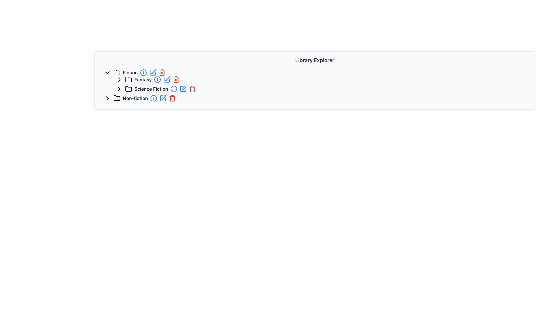 The width and height of the screenshot is (560, 315). What do you see at coordinates (130, 72) in the screenshot?
I see `the 'Fiction' text label` at bounding box center [130, 72].